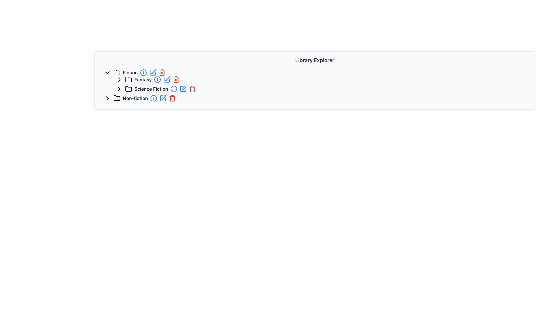 The width and height of the screenshot is (560, 315). What do you see at coordinates (130, 72) in the screenshot?
I see `the 'Fiction' text label` at bounding box center [130, 72].